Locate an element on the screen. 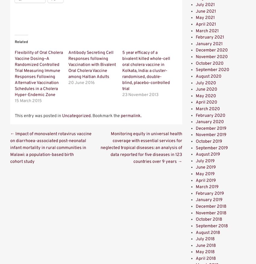 The width and height of the screenshot is (256, 264). 'May 2018' is located at coordinates (205, 252).